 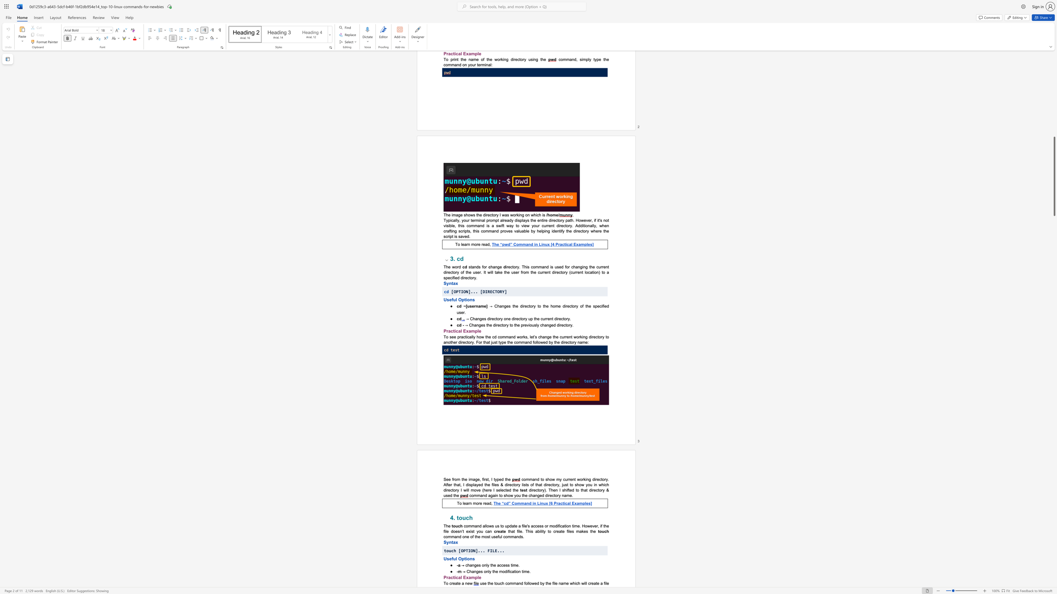 What do you see at coordinates (538, 531) in the screenshot?
I see `the 1th character "b" in the text` at bounding box center [538, 531].